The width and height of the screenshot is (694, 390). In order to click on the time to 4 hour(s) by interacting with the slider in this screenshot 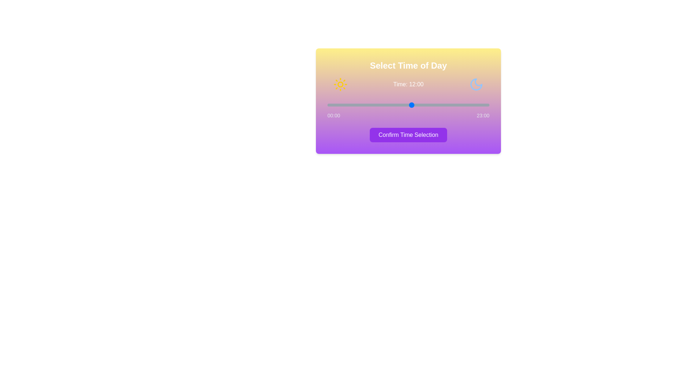, I will do `click(355, 105)`.